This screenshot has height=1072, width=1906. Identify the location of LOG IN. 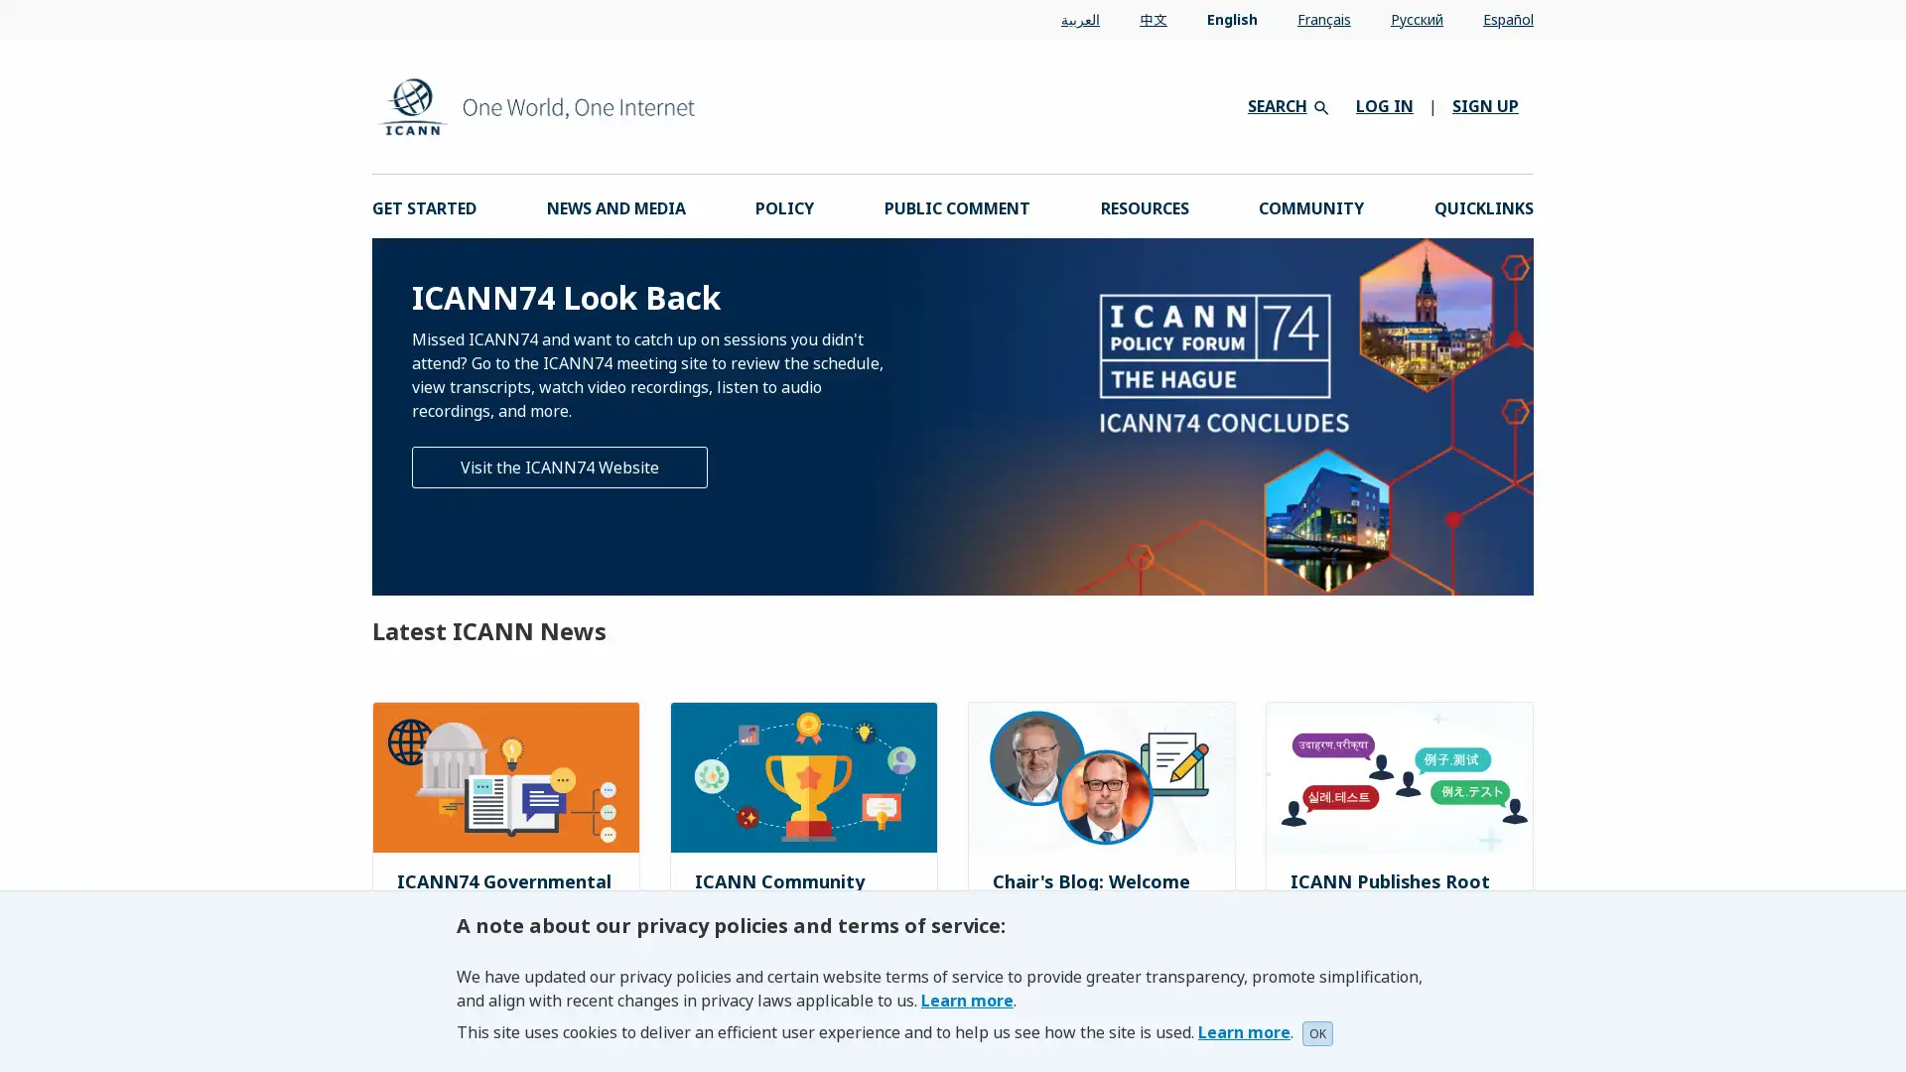
(1384, 106).